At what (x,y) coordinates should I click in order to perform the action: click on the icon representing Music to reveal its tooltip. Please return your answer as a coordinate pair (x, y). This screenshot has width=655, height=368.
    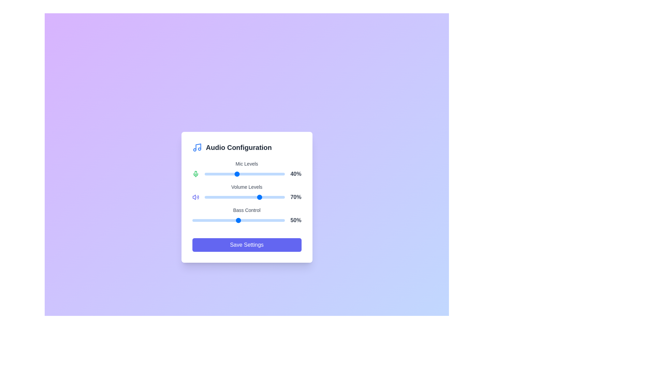
    Looking at the image, I should click on (196, 147).